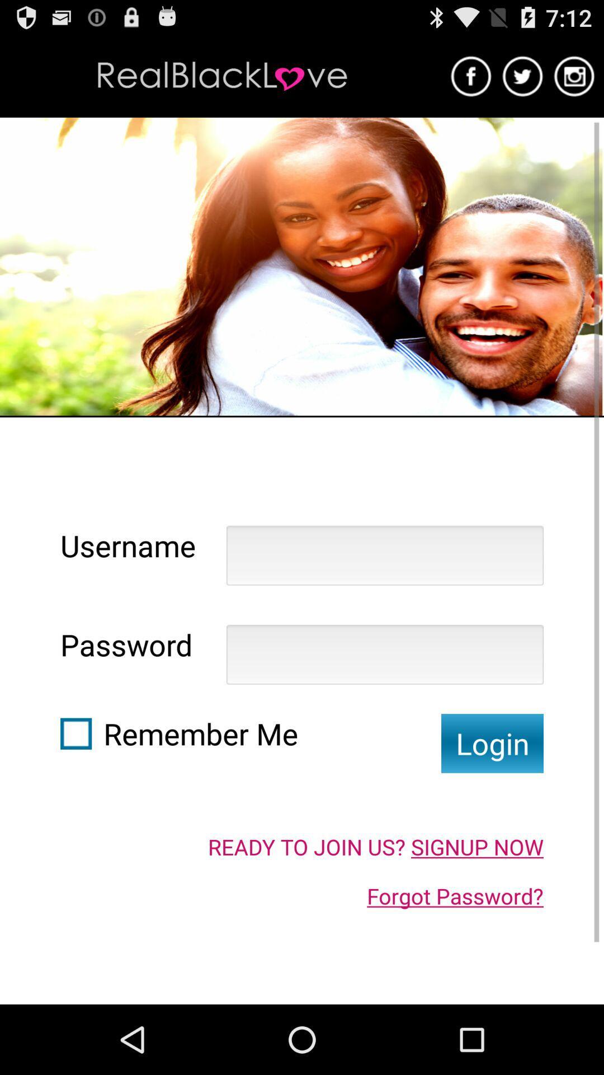 The height and width of the screenshot is (1075, 604). Describe the element at coordinates (375, 847) in the screenshot. I see `the app above the forgot password? app` at that location.